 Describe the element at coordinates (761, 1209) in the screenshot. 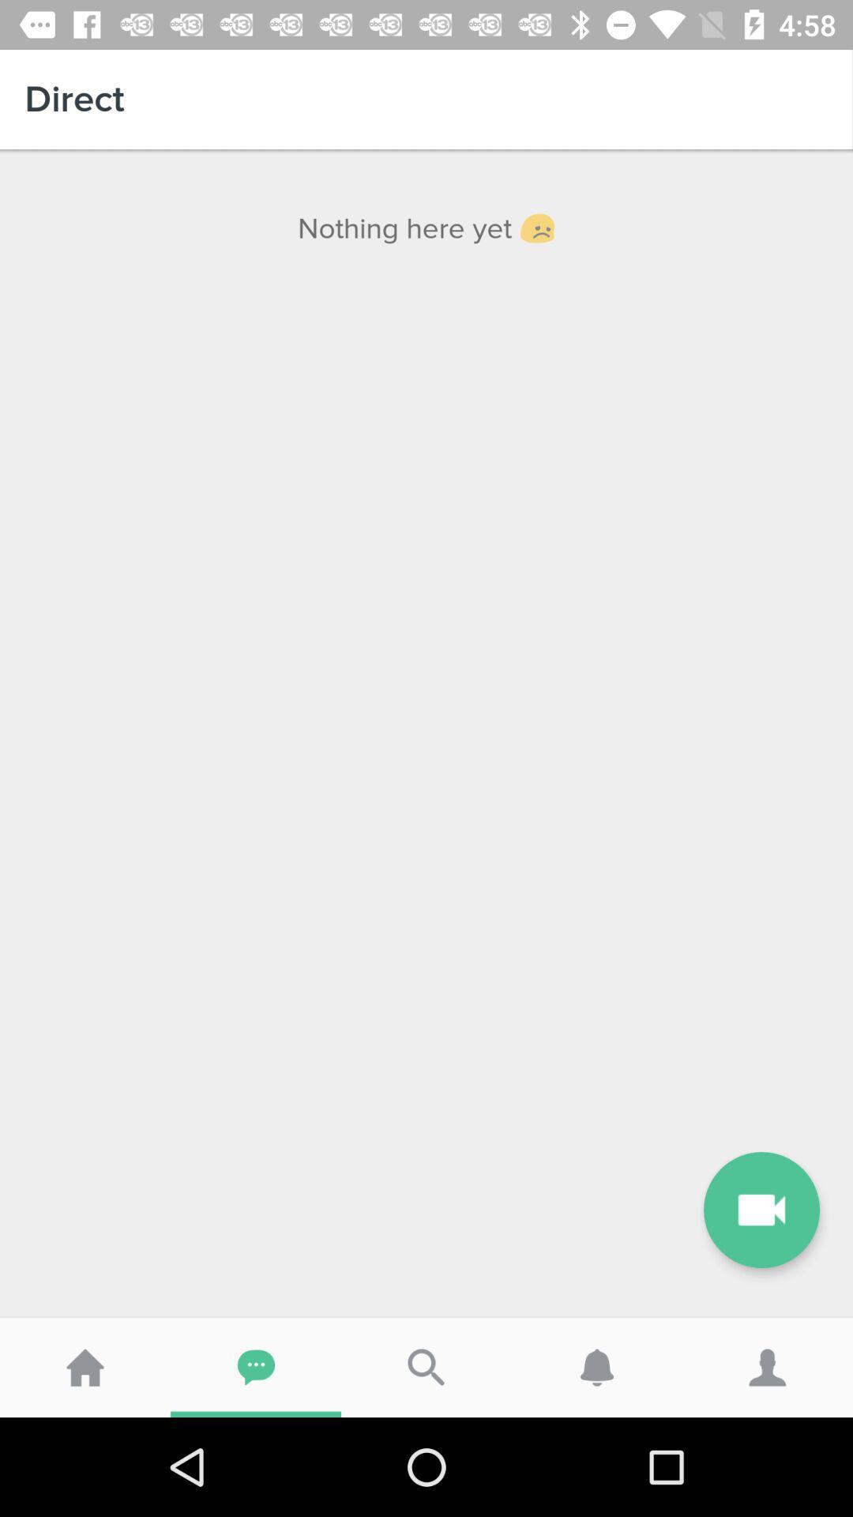

I see `the videocam icon` at that location.